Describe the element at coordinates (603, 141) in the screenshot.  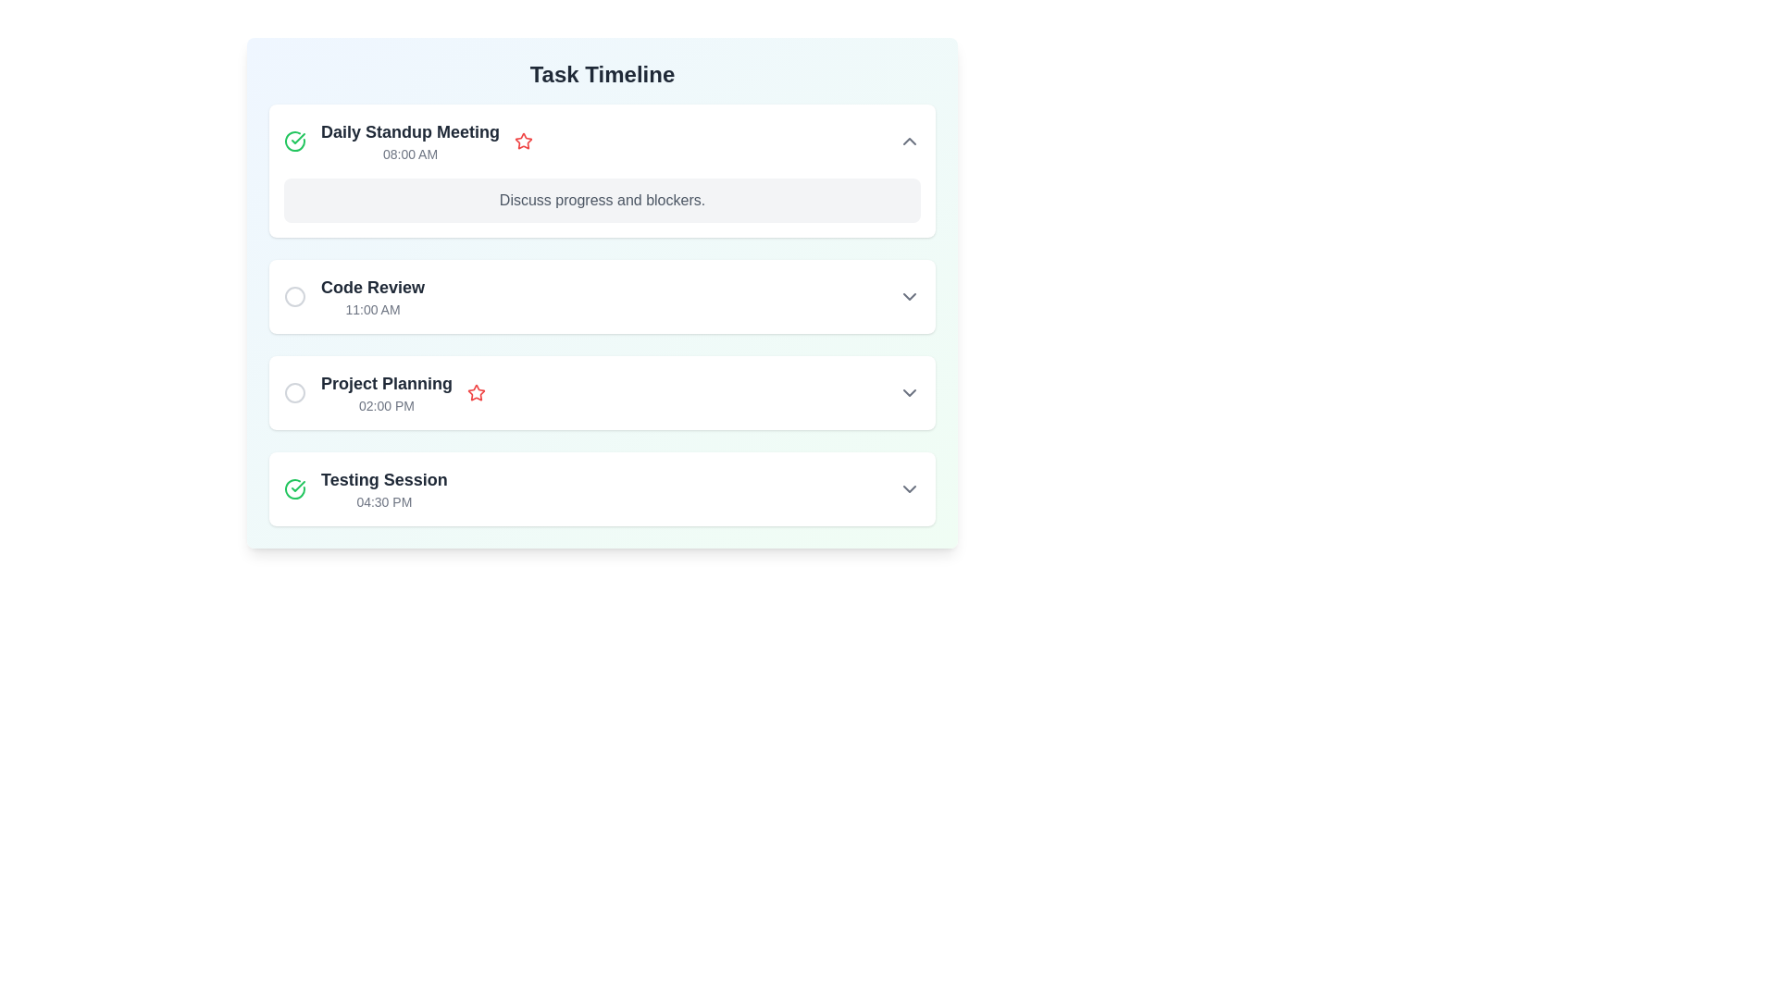
I see `the top task card in the timeline view, located directly under the 'Task Timeline' title` at that location.